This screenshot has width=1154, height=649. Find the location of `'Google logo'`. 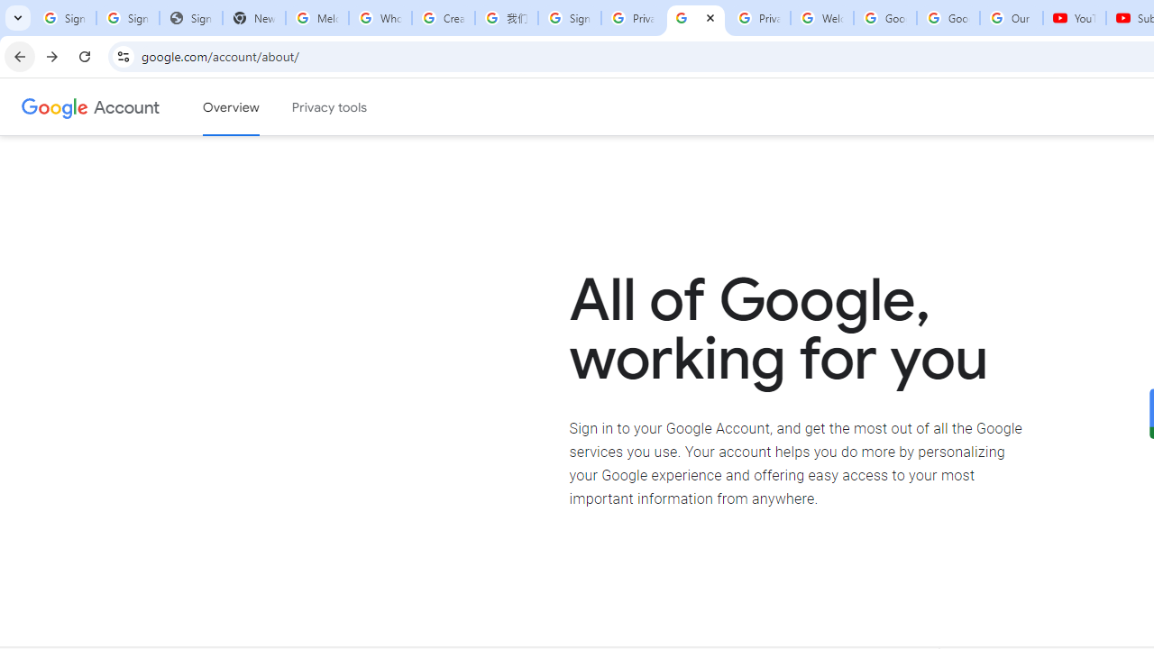

'Google logo' is located at coordinates (55, 106).